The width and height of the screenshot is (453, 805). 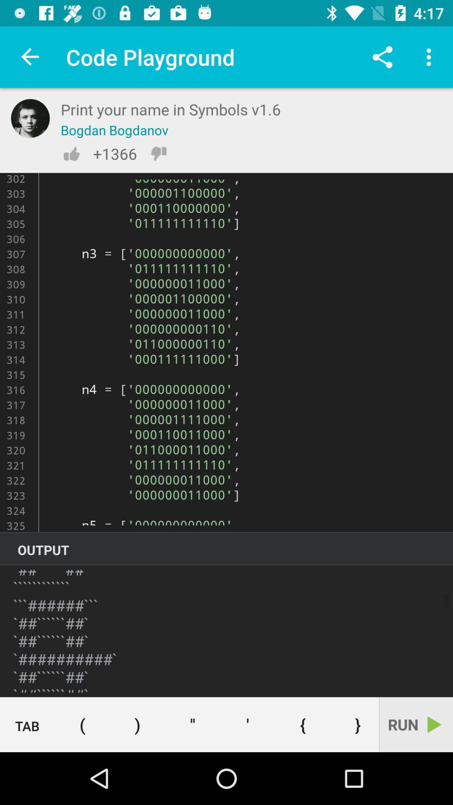 What do you see at coordinates (71, 153) in the screenshot?
I see `the thumbs_up icon` at bounding box center [71, 153].